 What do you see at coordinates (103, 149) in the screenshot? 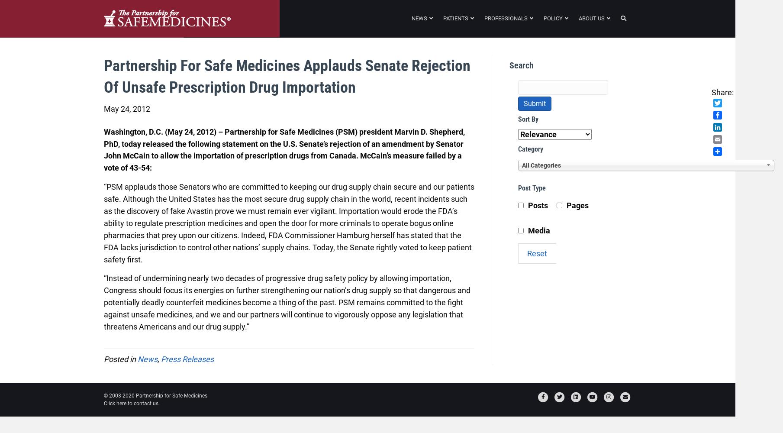
I see `'Washington, D.C. (May 24, 2012) – Partnership for Safe Medicines (PSM) president Marvin D. Shepherd, PhD, today released the following statement on the U.S. Senate’s rejection of an amendment by Senator John McCain to allow the importation of prescription drugs from Canada. McCain’s measure failed by a vote of 43-54:'` at bounding box center [103, 149].